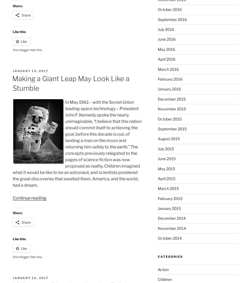 This screenshot has width=252, height=283. What do you see at coordinates (158, 39) in the screenshot?
I see `'June 2016'` at bounding box center [158, 39].